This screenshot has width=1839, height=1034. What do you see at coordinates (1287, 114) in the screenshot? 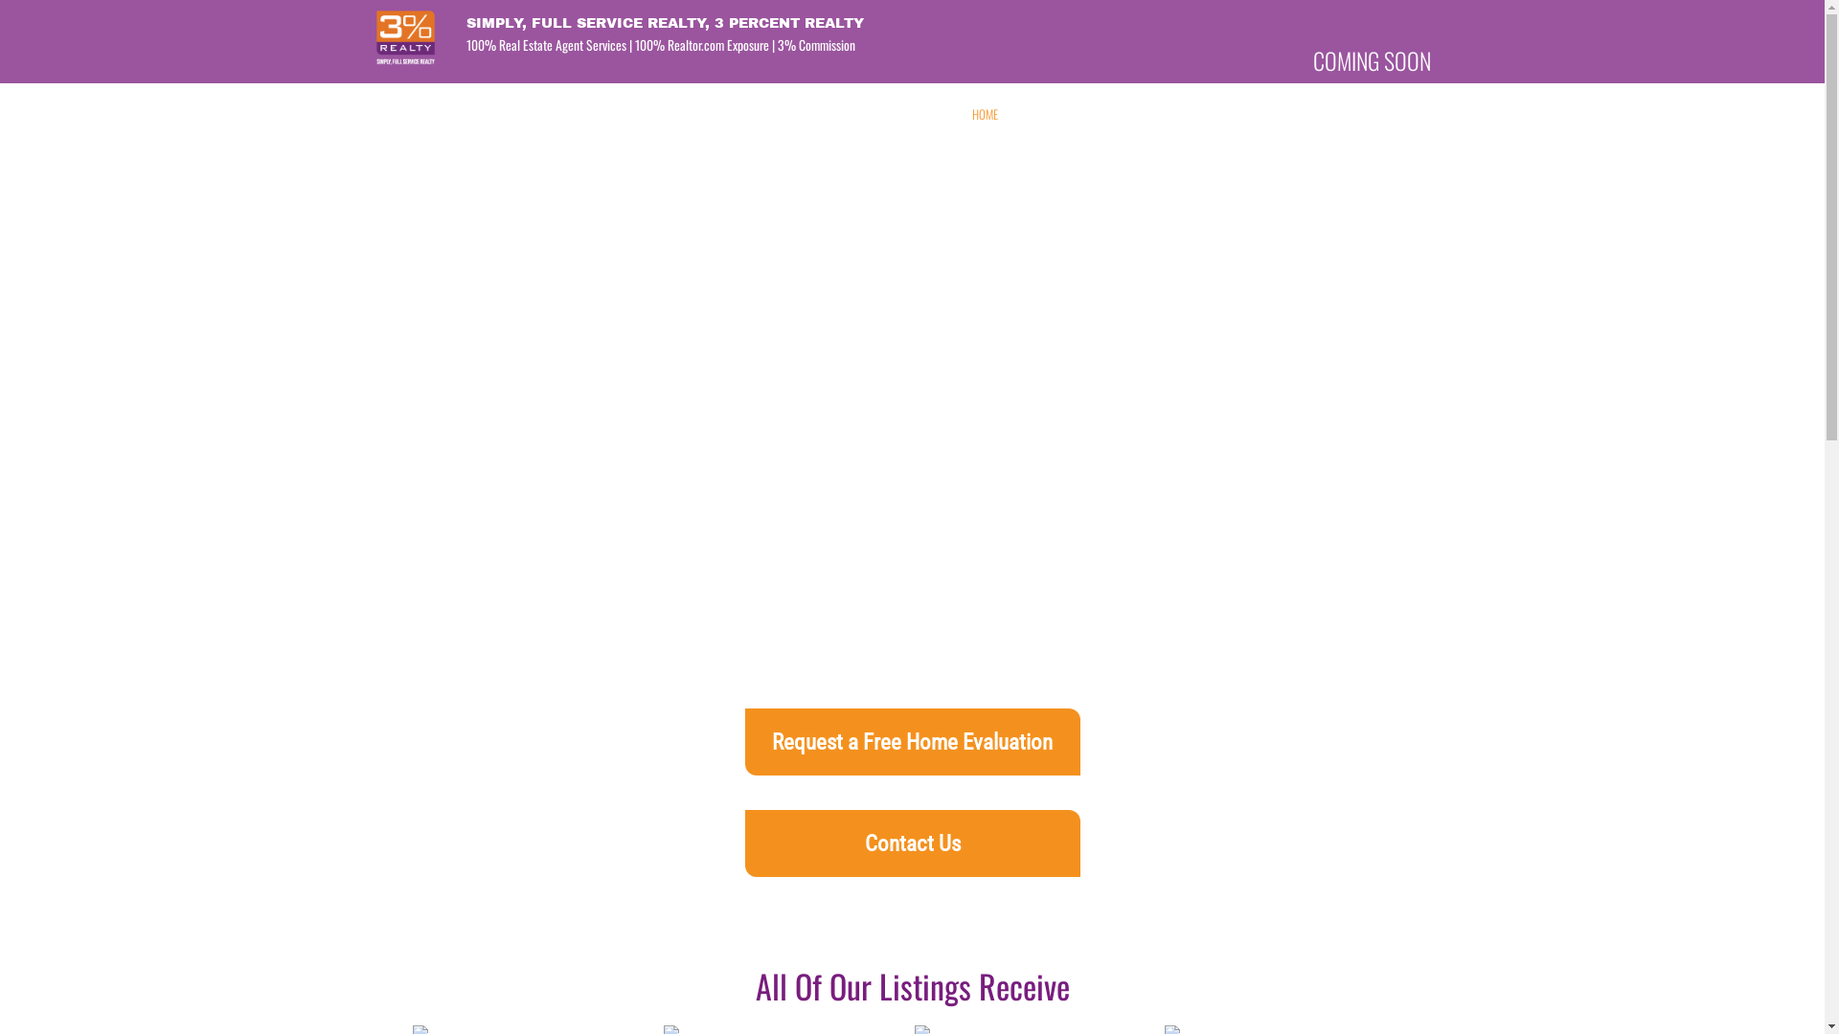
I see `'BUYING GUIDE'` at bounding box center [1287, 114].